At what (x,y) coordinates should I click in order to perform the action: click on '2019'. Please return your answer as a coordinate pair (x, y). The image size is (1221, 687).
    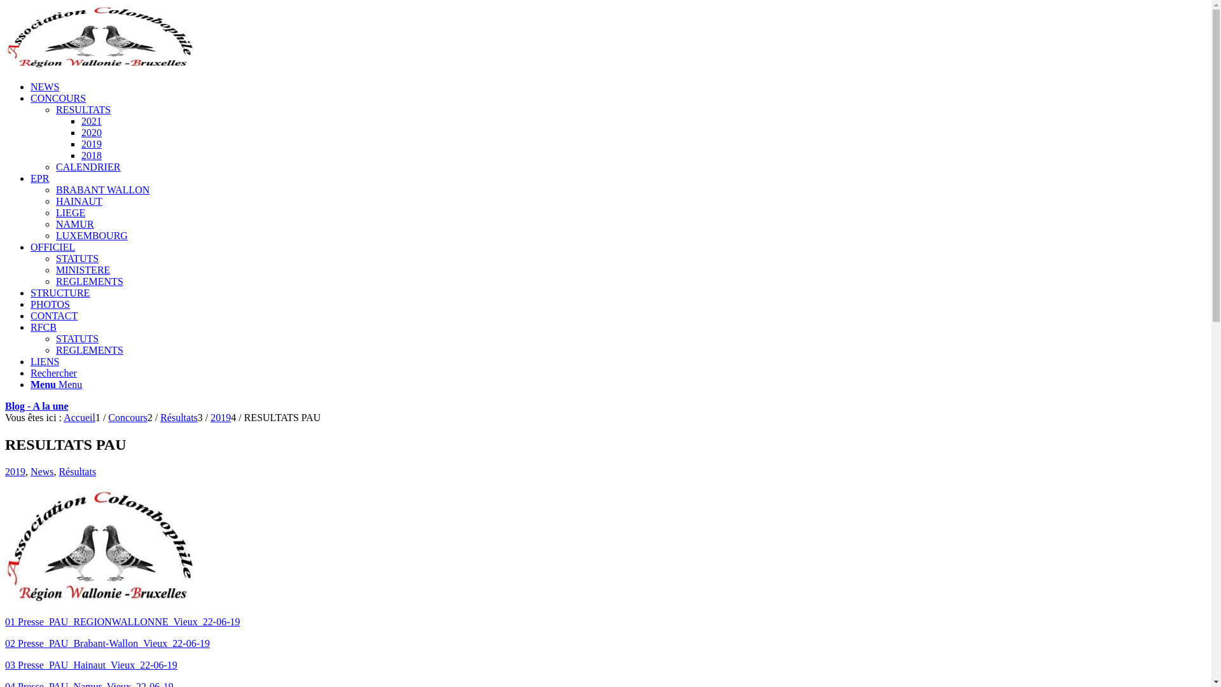
    Looking at the image, I should click on (220, 417).